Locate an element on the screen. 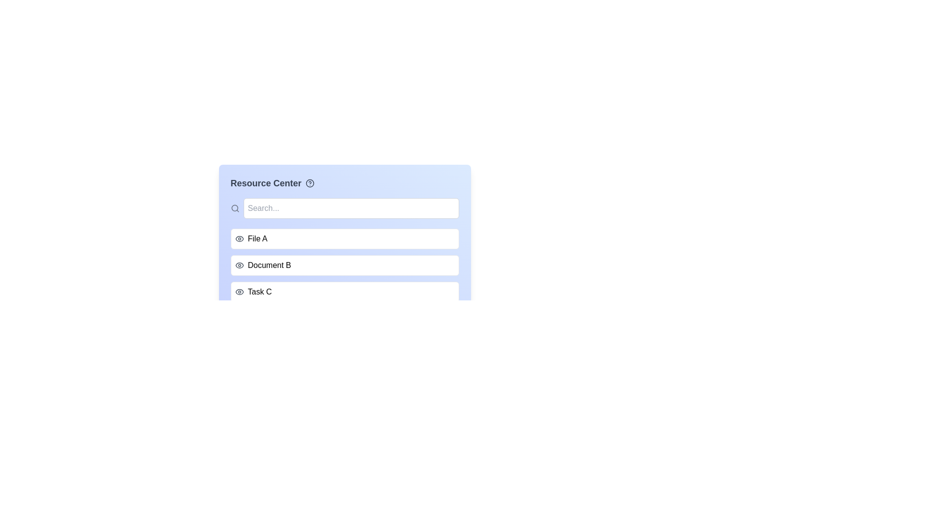 This screenshot has width=945, height=531. the 'Document B' list item in the Resource Center is located at coordinates (345, 265).